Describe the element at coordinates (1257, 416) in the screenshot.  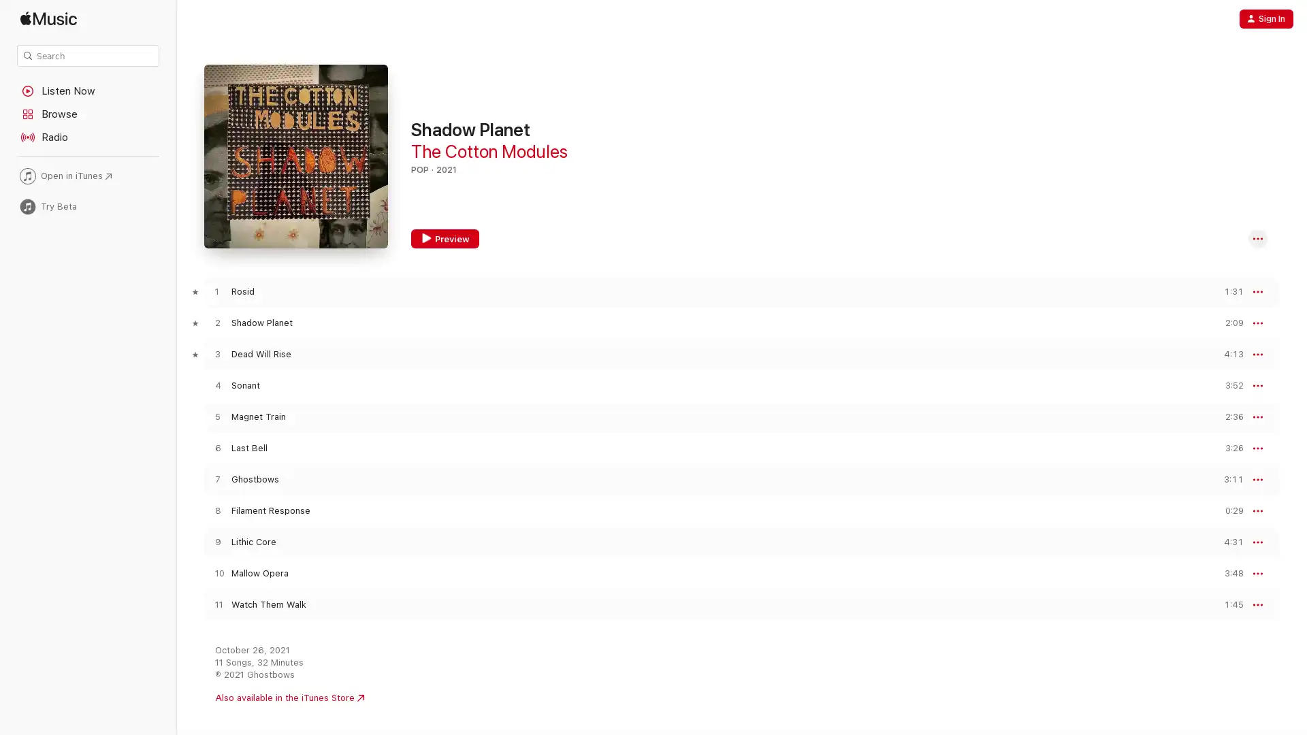
I see `More` at that location.